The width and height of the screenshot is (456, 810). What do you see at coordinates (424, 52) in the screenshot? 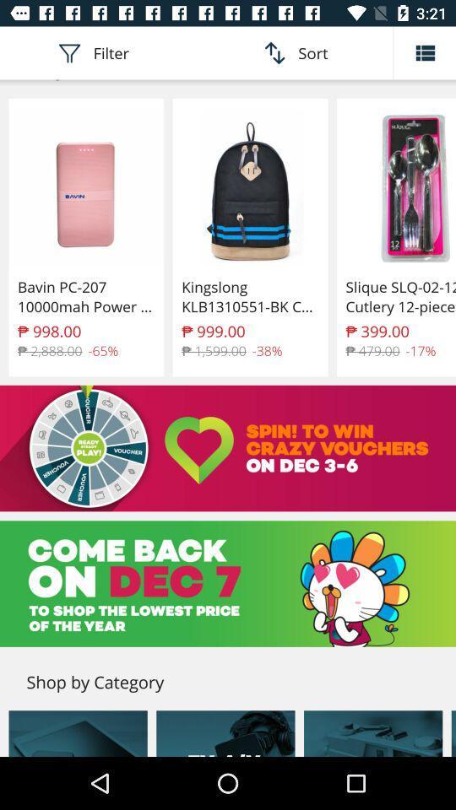
I see `the list icon` at bounding box center [424, 52].